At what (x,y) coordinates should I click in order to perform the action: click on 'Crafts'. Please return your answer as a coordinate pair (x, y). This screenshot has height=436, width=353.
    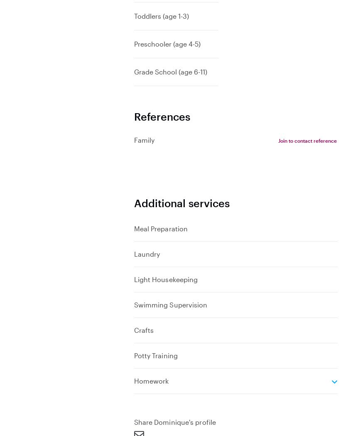
    Looking at the image, I should click on (143, 329).